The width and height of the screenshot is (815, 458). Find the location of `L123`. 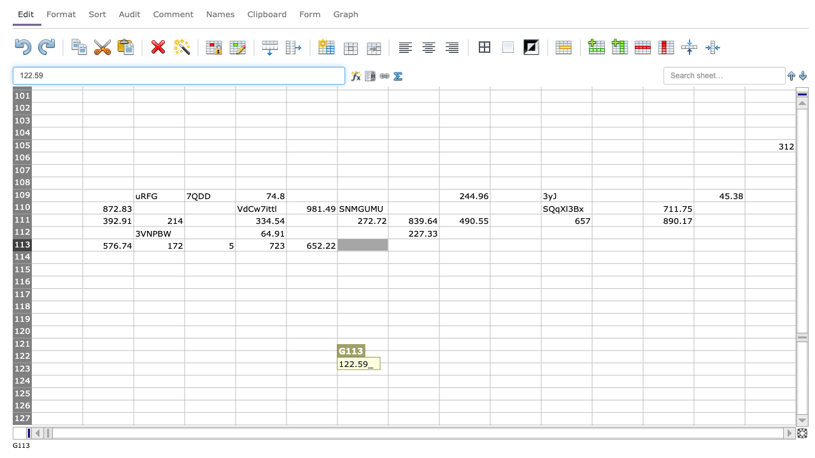

L123 is located at coordinates (617, 369).